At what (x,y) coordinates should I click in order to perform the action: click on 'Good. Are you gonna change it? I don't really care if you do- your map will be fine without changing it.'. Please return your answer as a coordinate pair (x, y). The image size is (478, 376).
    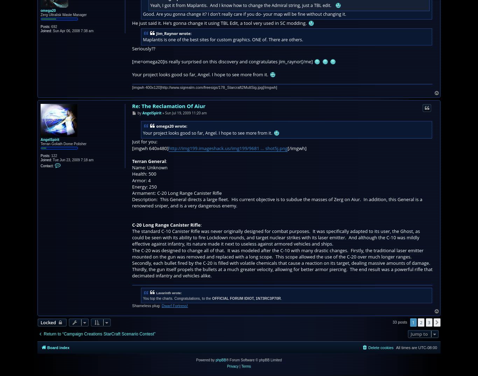
    Looking at the image, I should click on (244, 13).